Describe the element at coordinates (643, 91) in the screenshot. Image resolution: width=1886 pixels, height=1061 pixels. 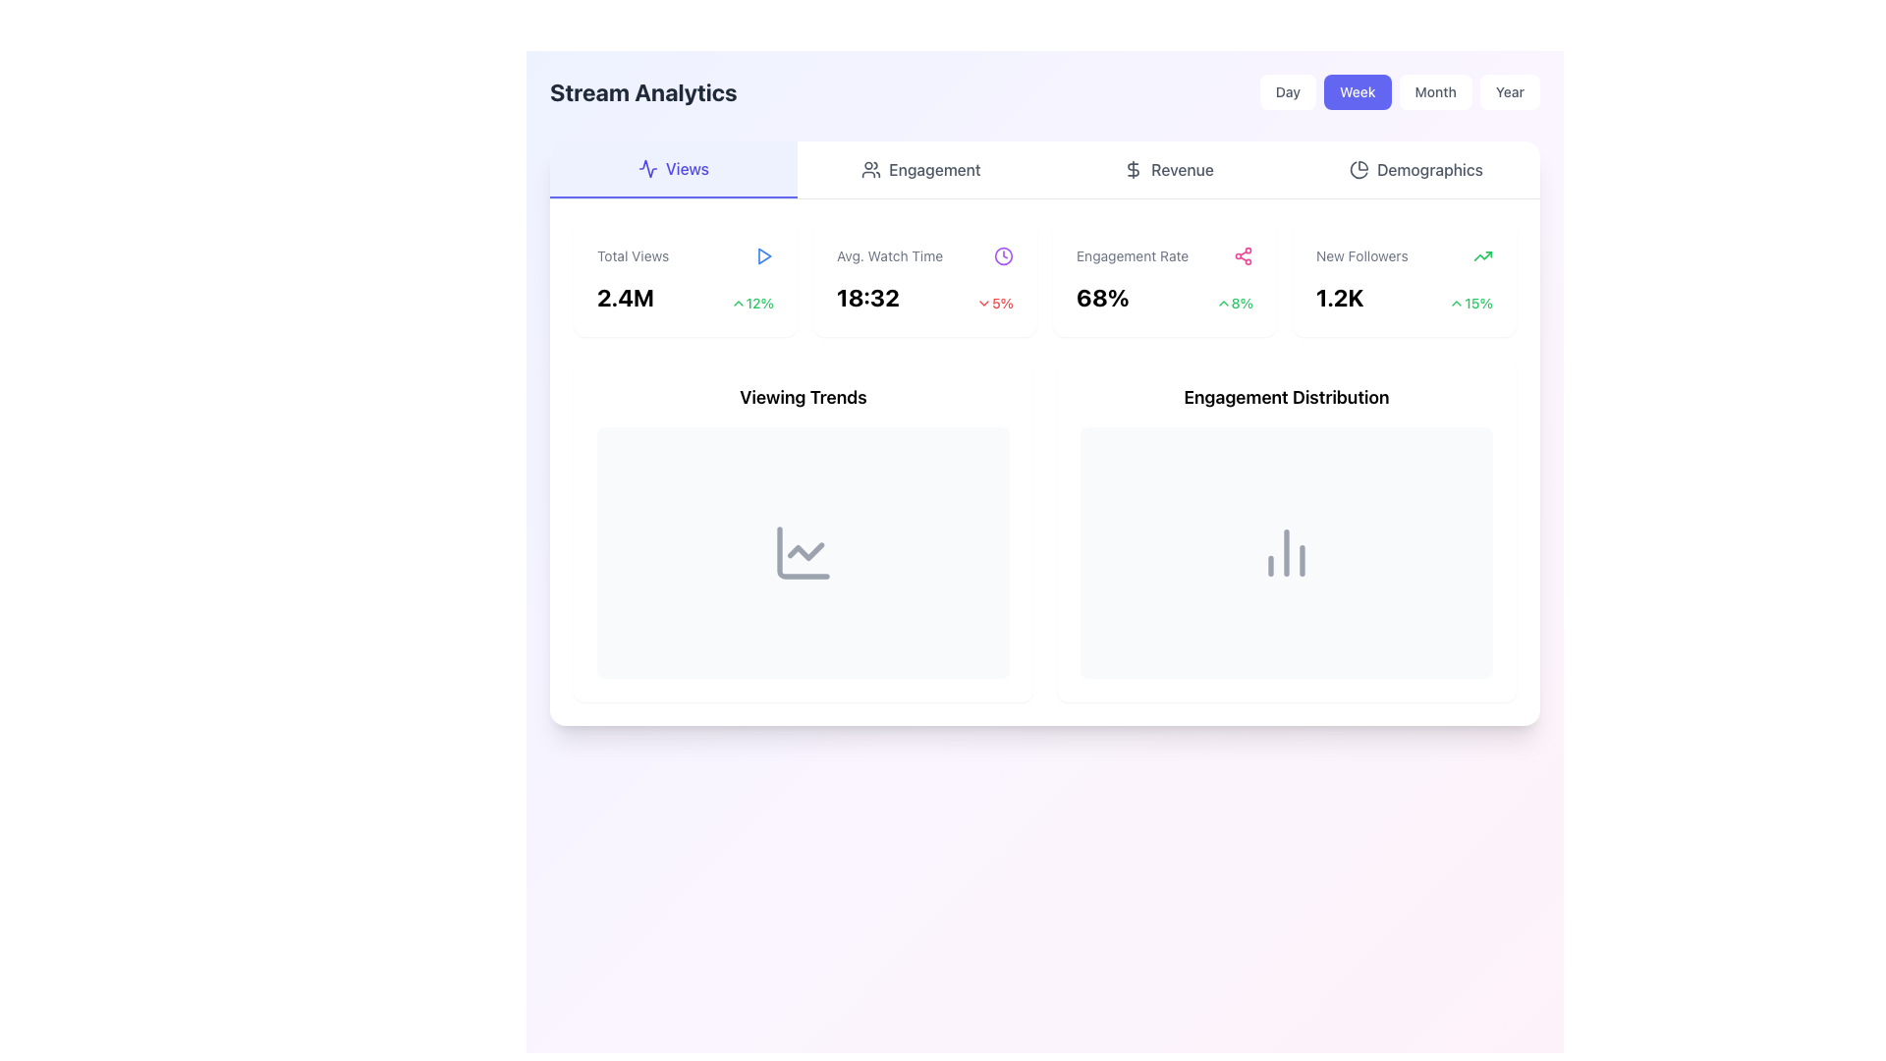
I see `the static text label used as a heading located at the top-left corner of the page, which provides context for the content below` at that location.